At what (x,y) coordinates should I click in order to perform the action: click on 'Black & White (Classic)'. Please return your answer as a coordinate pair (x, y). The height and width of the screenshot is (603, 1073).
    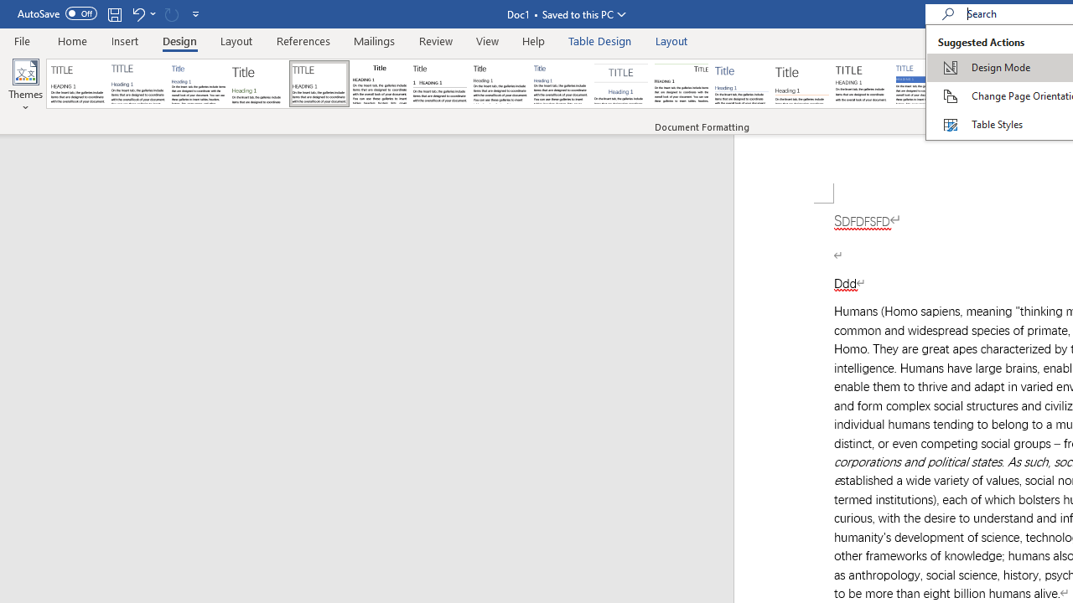
    Looking at the image, I should click on (379, 84).